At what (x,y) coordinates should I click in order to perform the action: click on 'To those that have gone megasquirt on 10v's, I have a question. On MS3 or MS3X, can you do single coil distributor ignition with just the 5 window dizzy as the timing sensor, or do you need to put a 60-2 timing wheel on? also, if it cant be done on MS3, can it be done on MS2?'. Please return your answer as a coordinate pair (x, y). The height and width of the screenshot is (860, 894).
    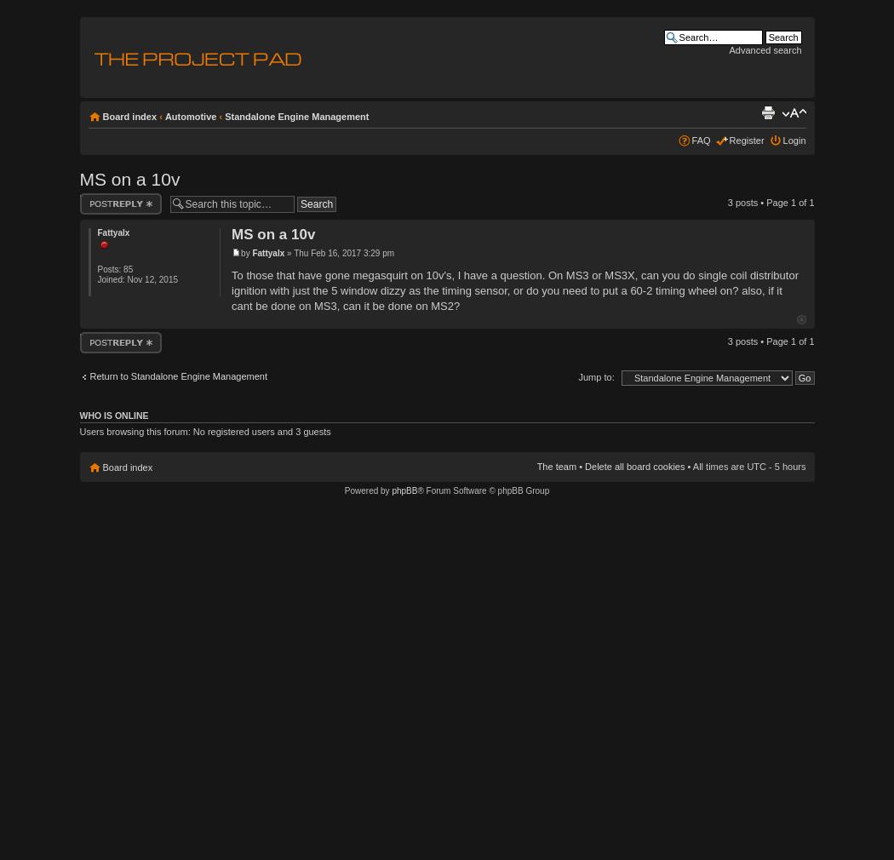
    Looking at the image, I should click on (514, 290).